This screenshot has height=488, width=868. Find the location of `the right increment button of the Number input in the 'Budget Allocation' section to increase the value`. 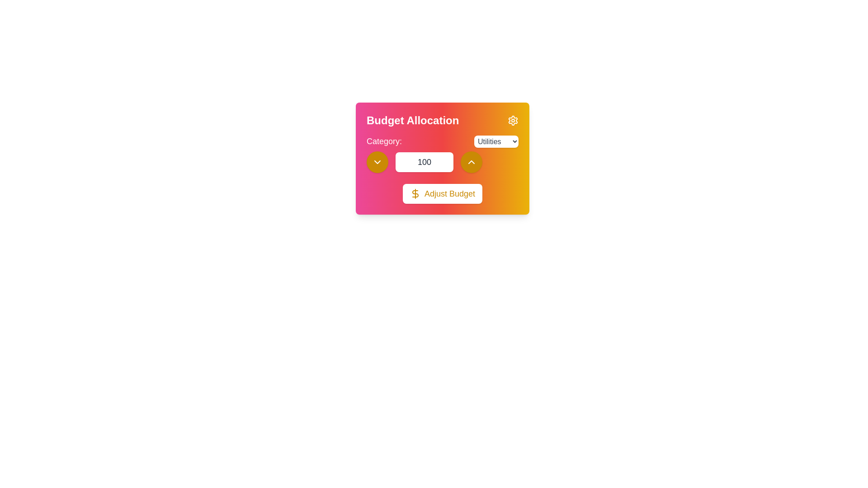

the right increment button of the Number input in the 'Budget Allocation' section to increase the value is located at coordinates (443, 161).